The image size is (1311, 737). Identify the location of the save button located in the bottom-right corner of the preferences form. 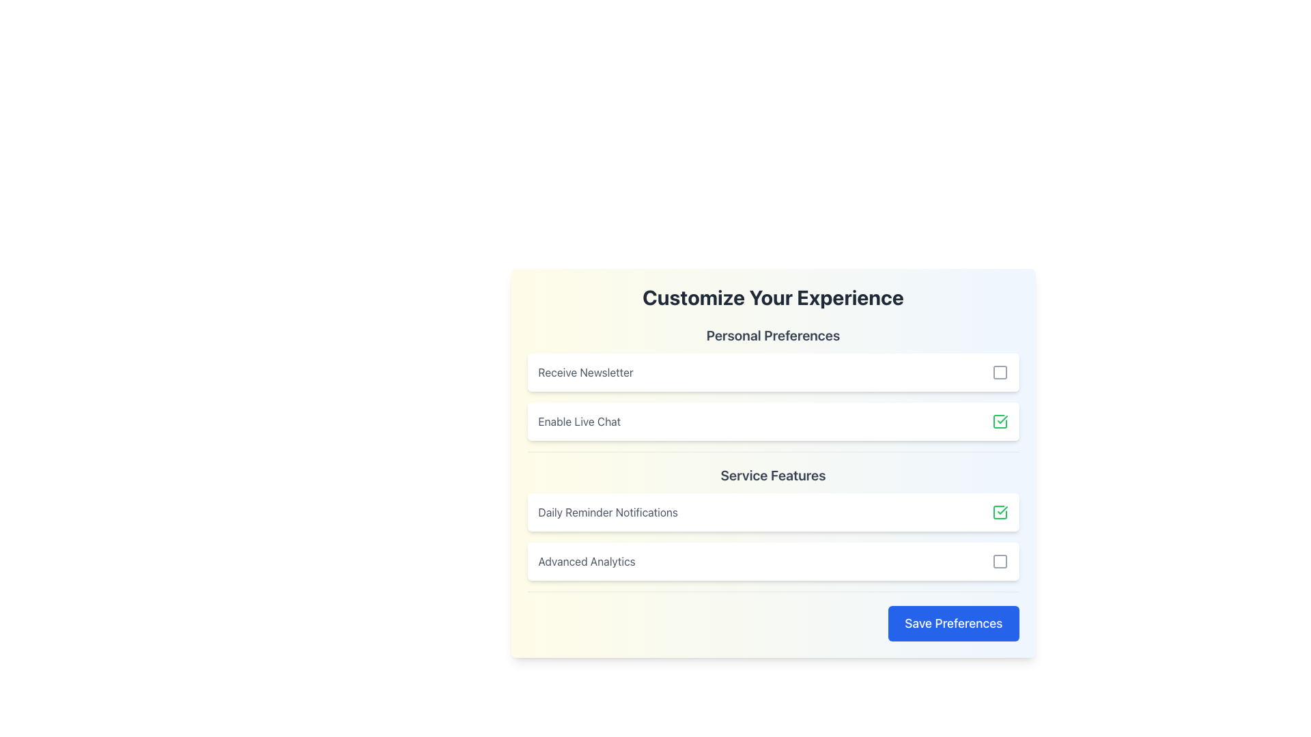
(953, 624).